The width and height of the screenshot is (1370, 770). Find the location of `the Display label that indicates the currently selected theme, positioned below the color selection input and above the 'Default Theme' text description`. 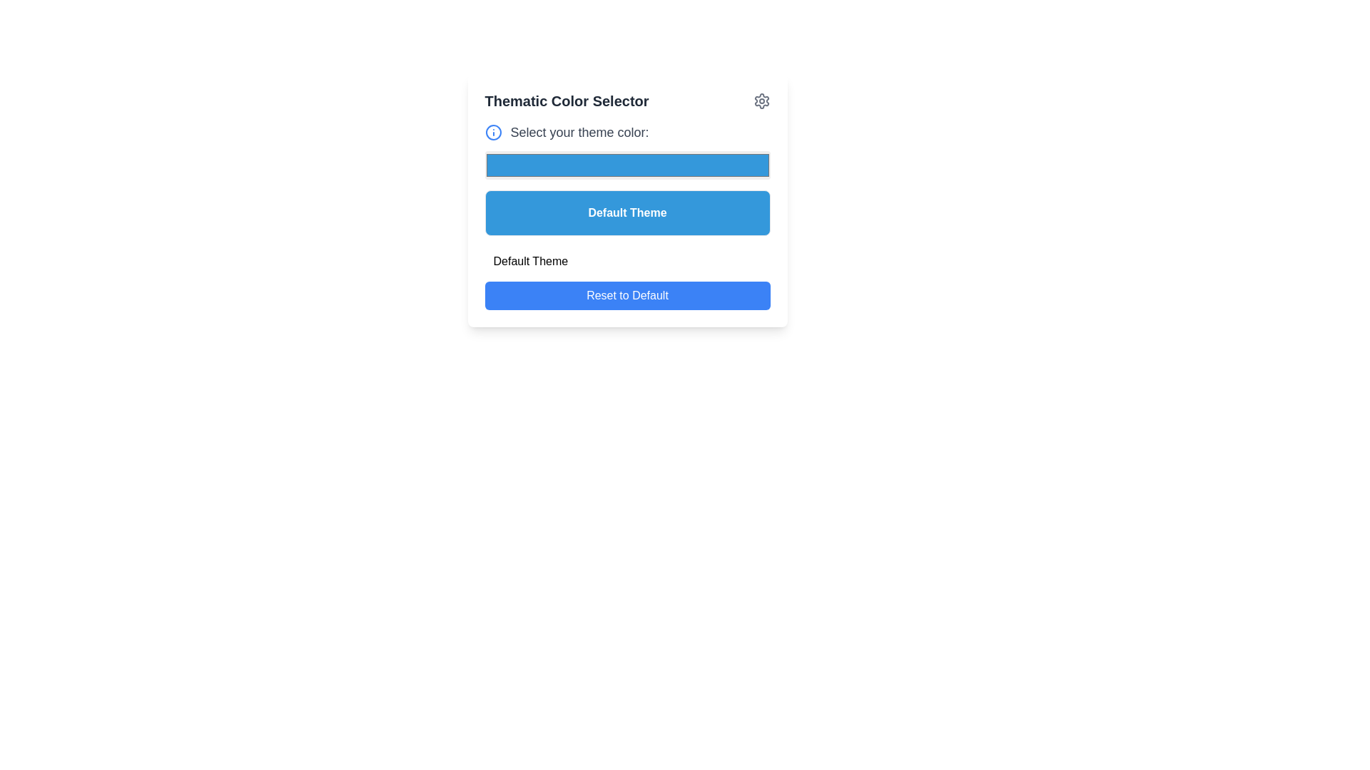

the Display label that indicates the currently selected theme, positioned below the color selection input and above the 'Default Theme' text description is located at coordinates (627, 213).